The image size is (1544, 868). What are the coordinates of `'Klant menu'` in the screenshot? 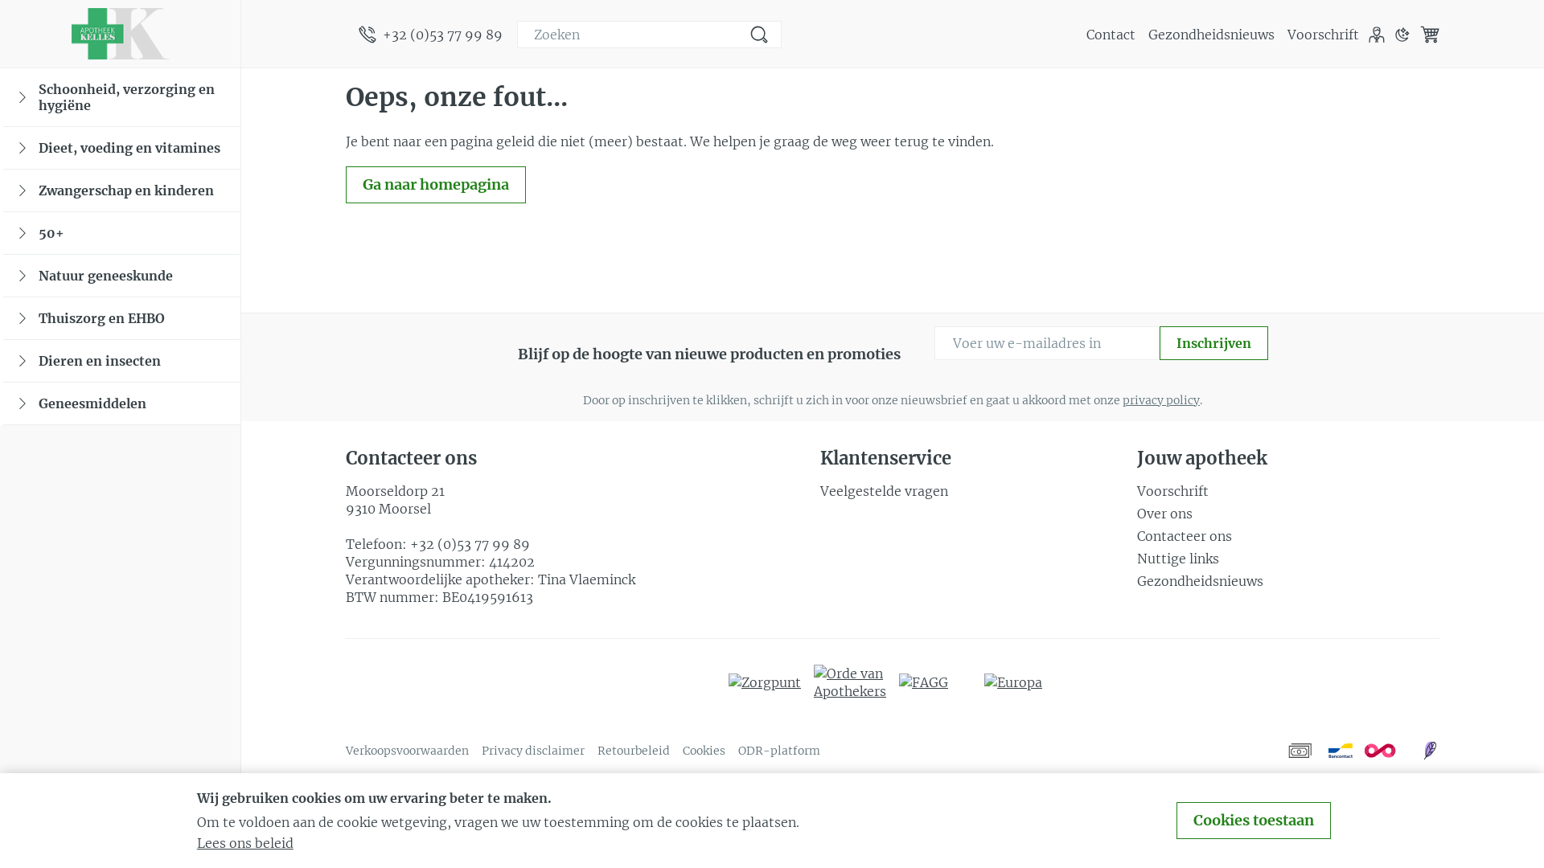 It's located at (1376, 34).